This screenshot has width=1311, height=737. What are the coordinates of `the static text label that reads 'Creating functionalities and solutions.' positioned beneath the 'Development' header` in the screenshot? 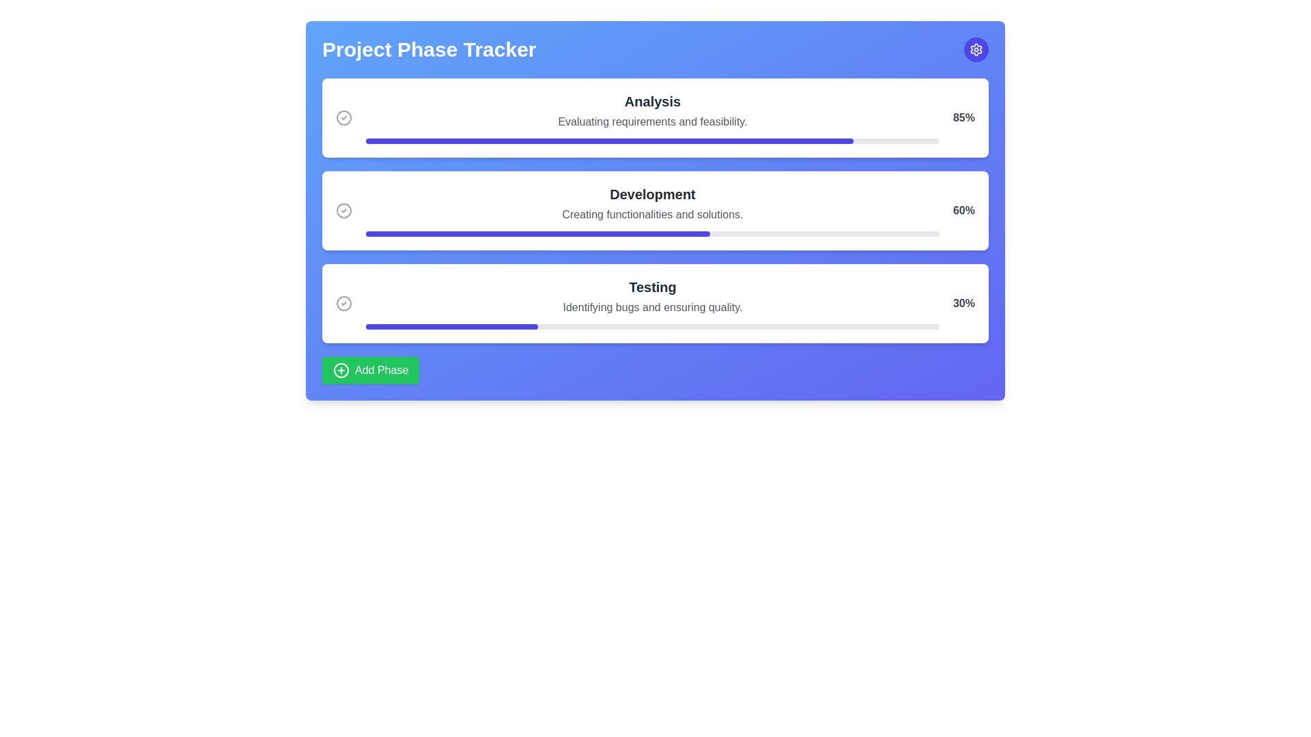 It's located at (651, 215).